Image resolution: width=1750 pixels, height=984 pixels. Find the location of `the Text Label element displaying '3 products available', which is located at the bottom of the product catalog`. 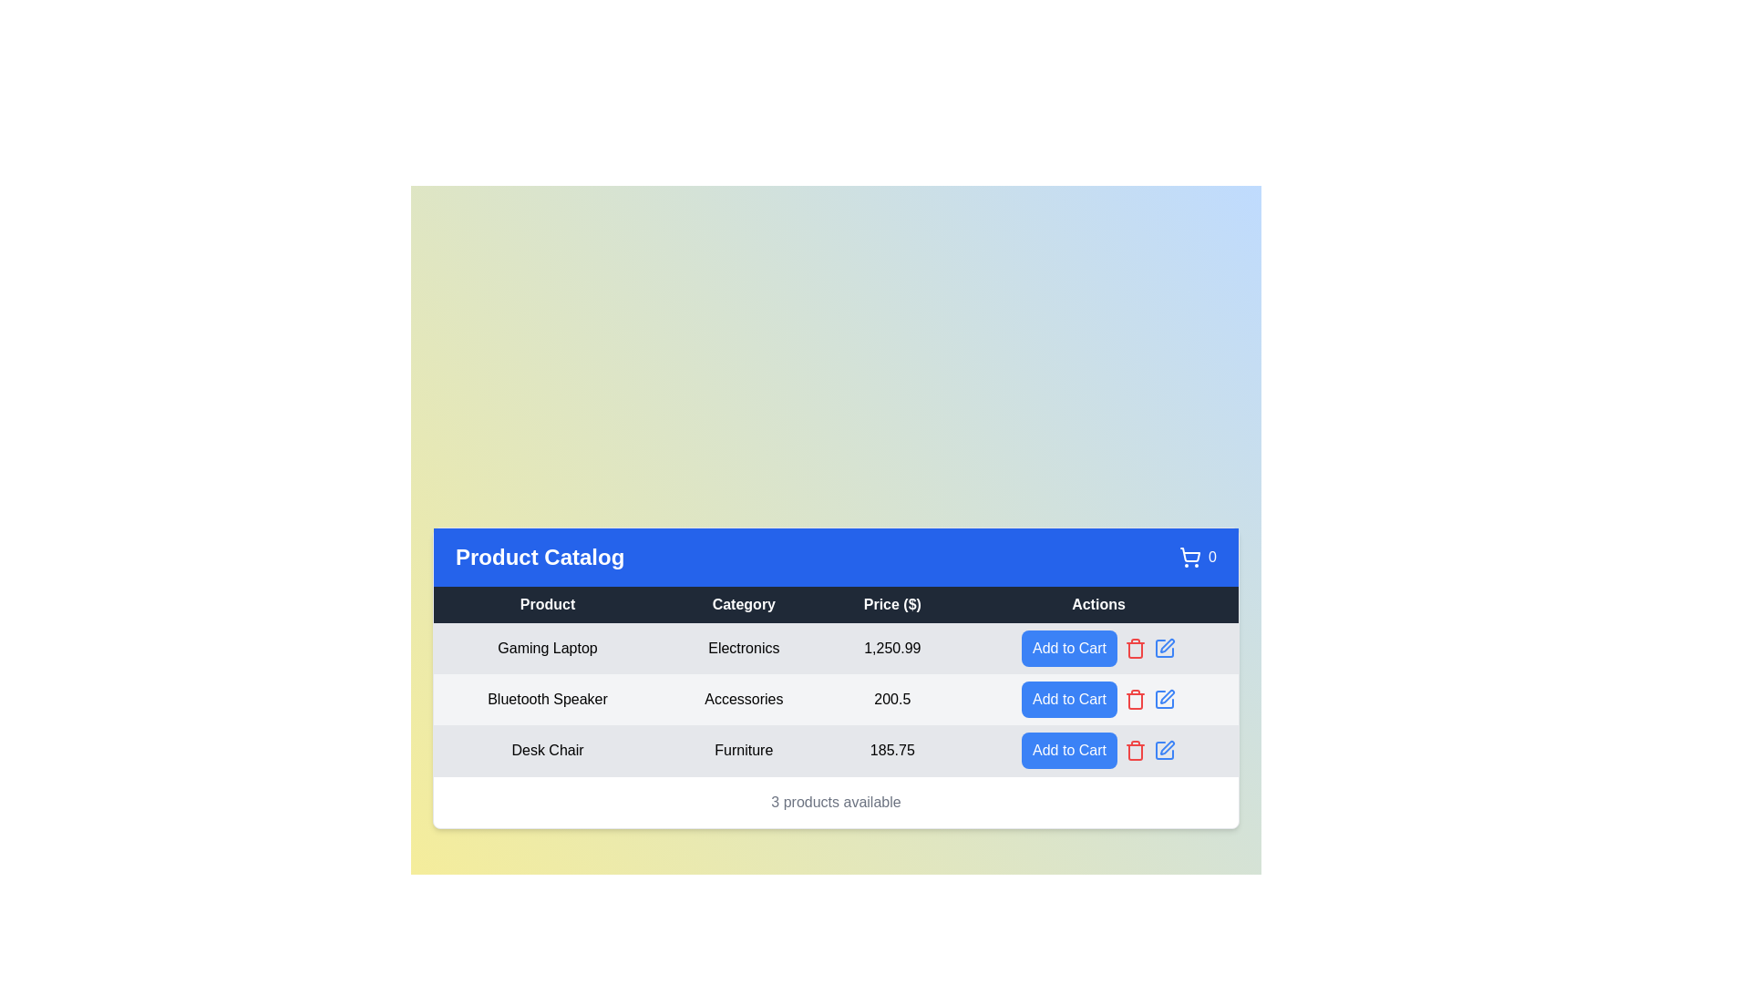

the Text Label element displaying '3 products available', which is located at the bottom of the product catalog is located at coordinates (835, 800).